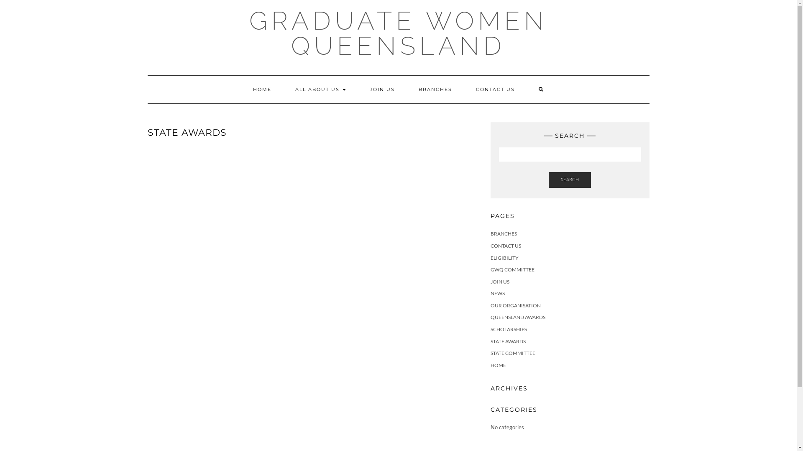  I want to click on 'OUR ORGANISATION', so click(490, 305).